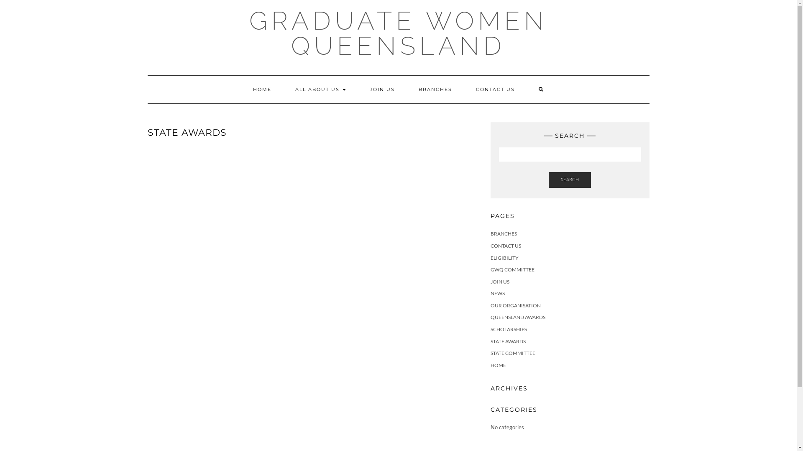  I want to click on 'OUR ORGANISATION', so click(490, 305).